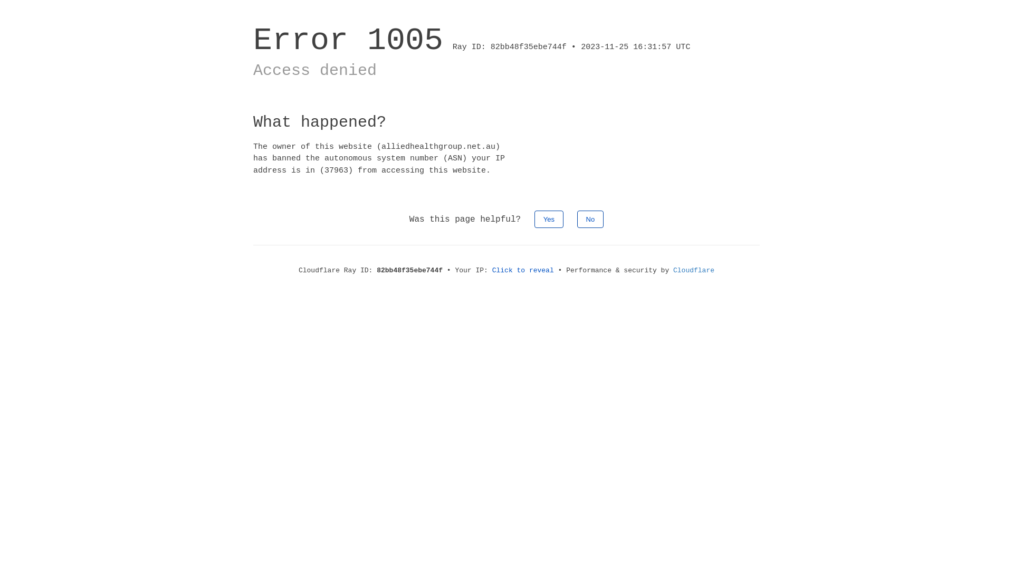 This screenshot has width=1013, height=570. Describe the element at coordinates (590, 218) in the screenshot. I see `'No'` at that location.